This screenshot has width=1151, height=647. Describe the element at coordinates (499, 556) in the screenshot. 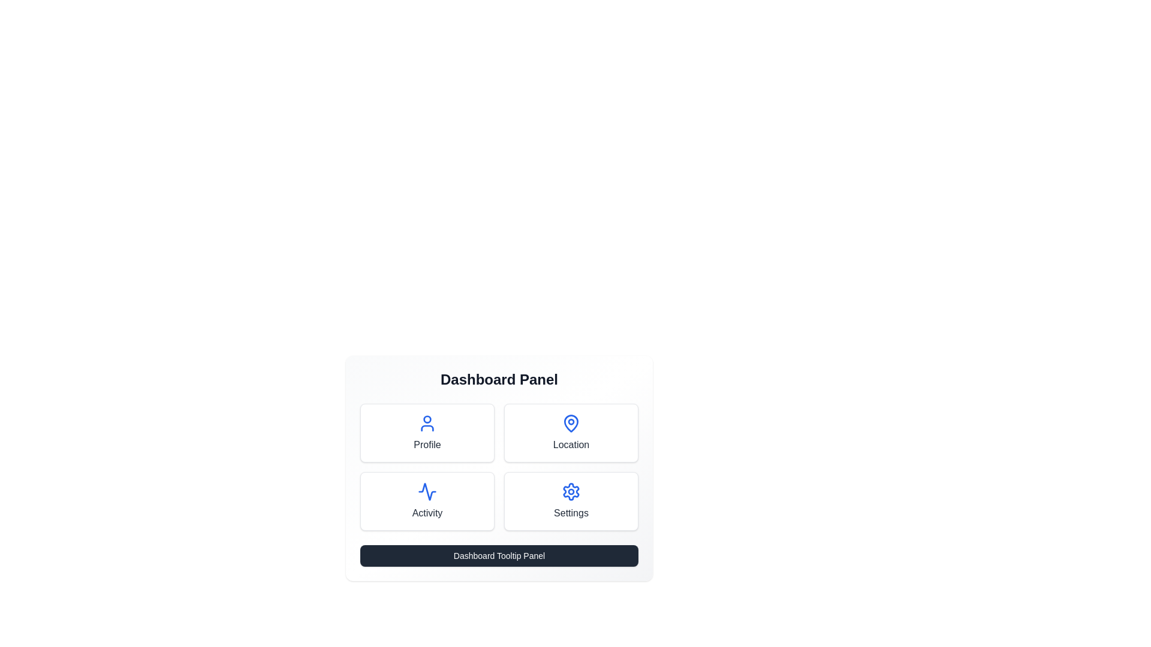

I see `the Static informational panel with a dark gray background and white text saying 'Dashboard Tooltip Panel', located below the 'Profile', 'Location', 'Activity', and 'Settings' buttons` at that location.